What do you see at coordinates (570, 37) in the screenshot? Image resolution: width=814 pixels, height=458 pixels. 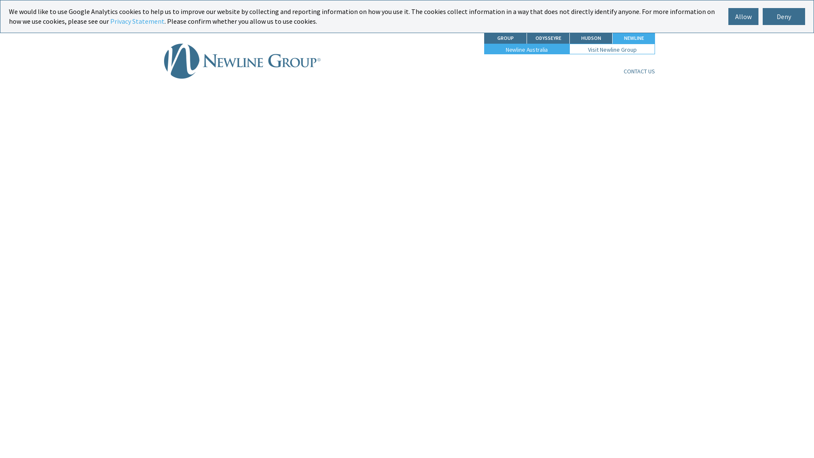 I see `'HUDSON'` at bounding box center [570, 37].